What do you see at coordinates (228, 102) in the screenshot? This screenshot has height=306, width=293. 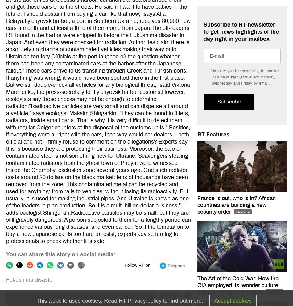 I see `'Subscribe'` at bounding box center [228, 102].